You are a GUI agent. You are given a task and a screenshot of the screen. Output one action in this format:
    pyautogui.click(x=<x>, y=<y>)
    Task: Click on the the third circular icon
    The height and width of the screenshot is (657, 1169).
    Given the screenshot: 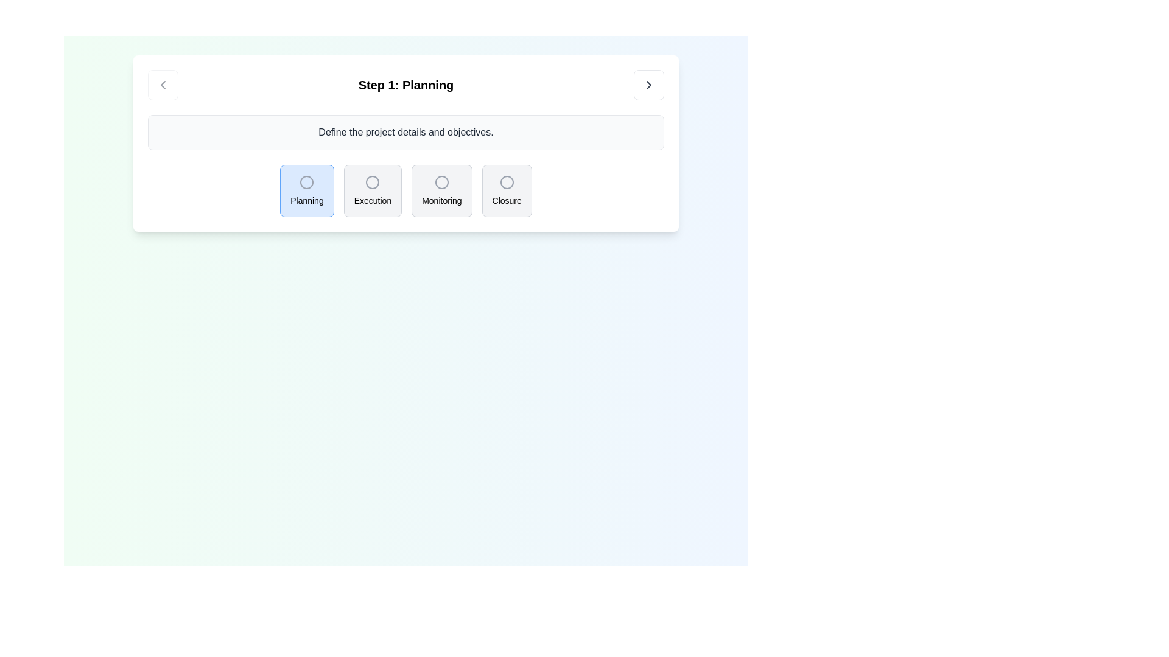 What is the action you would take?
    pyautogui.click(x=441, y=182)
    